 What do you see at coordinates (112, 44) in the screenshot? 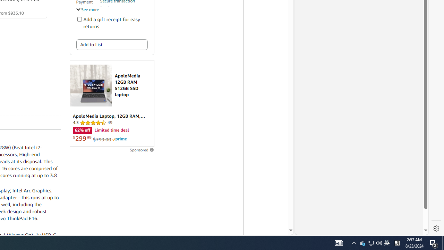
I see `'Add to List'` at bounding box center [112, 44].